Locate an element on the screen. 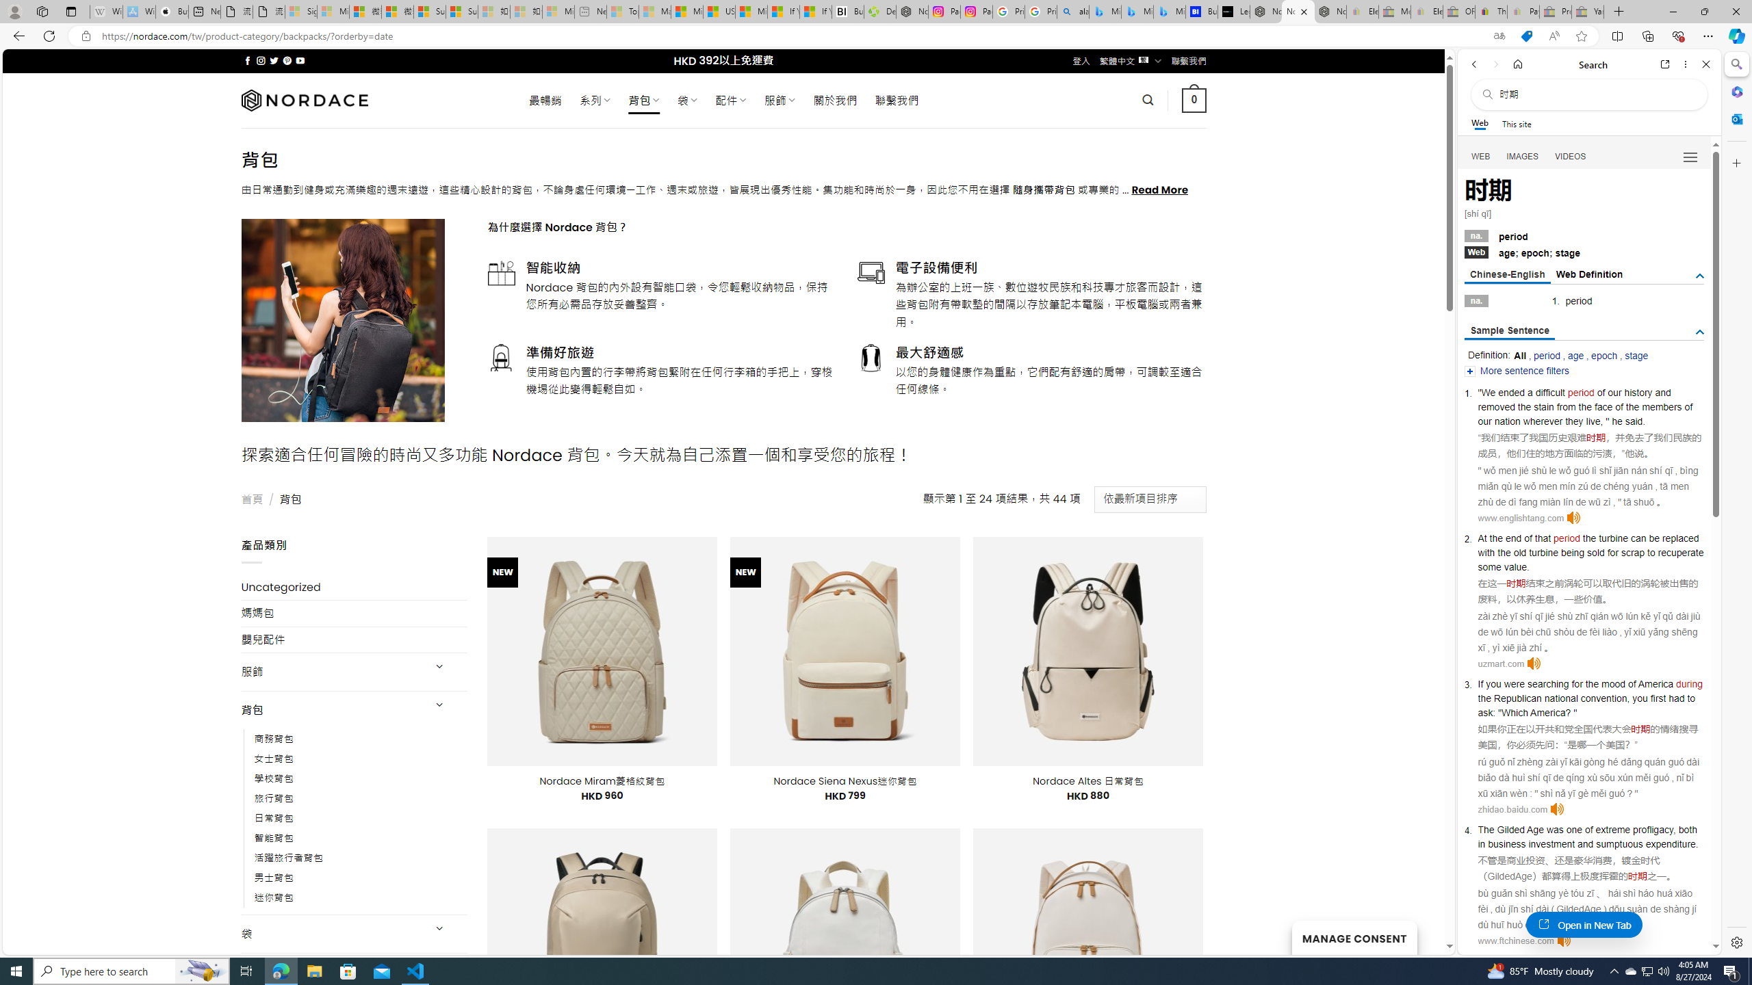  'Side bar' is located at coordinates (1736, 503).